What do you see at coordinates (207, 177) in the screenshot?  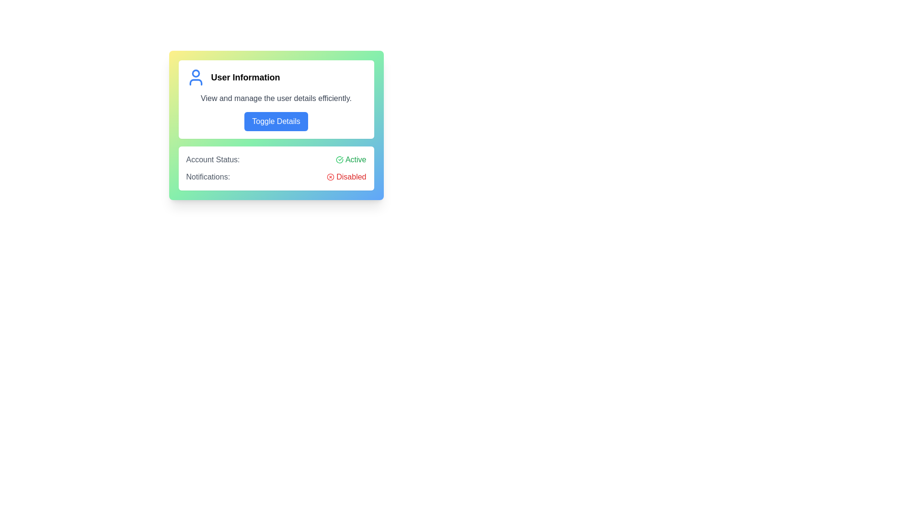 I see `the Text Label that indicates the purpose of the adjacent notification settings controls, positioned below the account status label and to the left of the 'Disabled' status indicator` at bounding box center [207, 177].